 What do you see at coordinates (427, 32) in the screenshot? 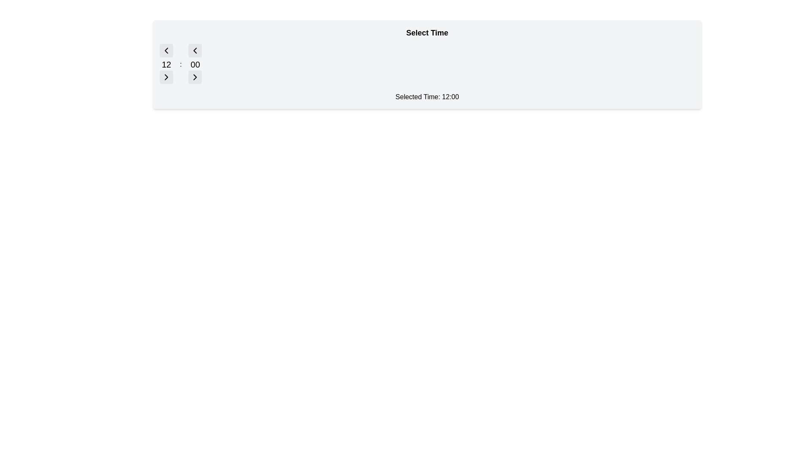
I see `the title label at the top-center of the time-selection interface` at bounding box center [427, 32].